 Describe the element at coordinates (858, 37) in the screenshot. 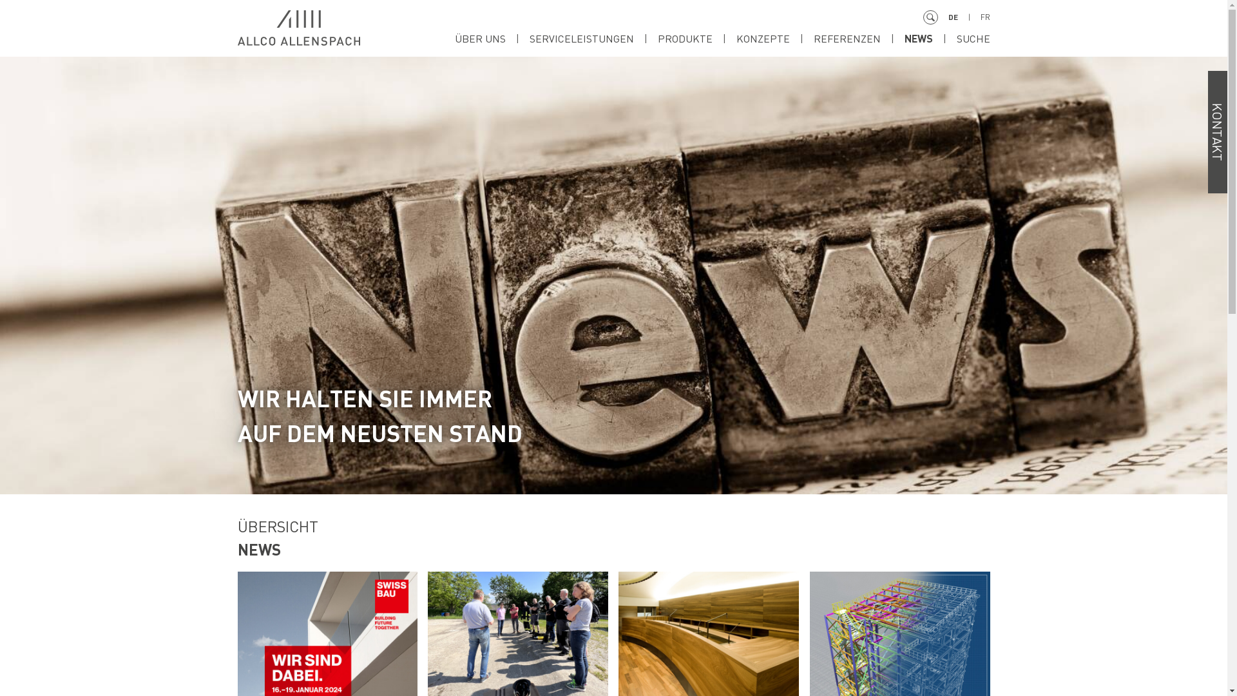

I see `'REFERENZEN'` at that location.